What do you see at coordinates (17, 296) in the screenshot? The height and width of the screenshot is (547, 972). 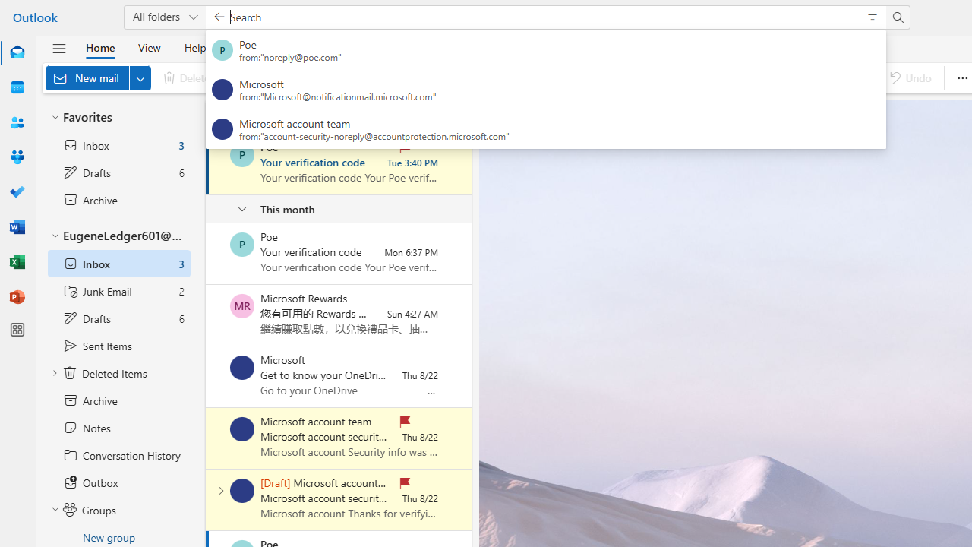 I see `'PowerPoint'` at bounding box center [17, 296].